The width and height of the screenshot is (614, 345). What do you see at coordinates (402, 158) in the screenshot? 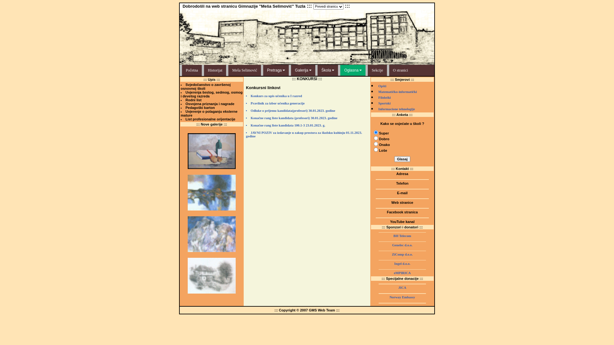
I see `'Glasaj'` at bounding box center [402, 158].